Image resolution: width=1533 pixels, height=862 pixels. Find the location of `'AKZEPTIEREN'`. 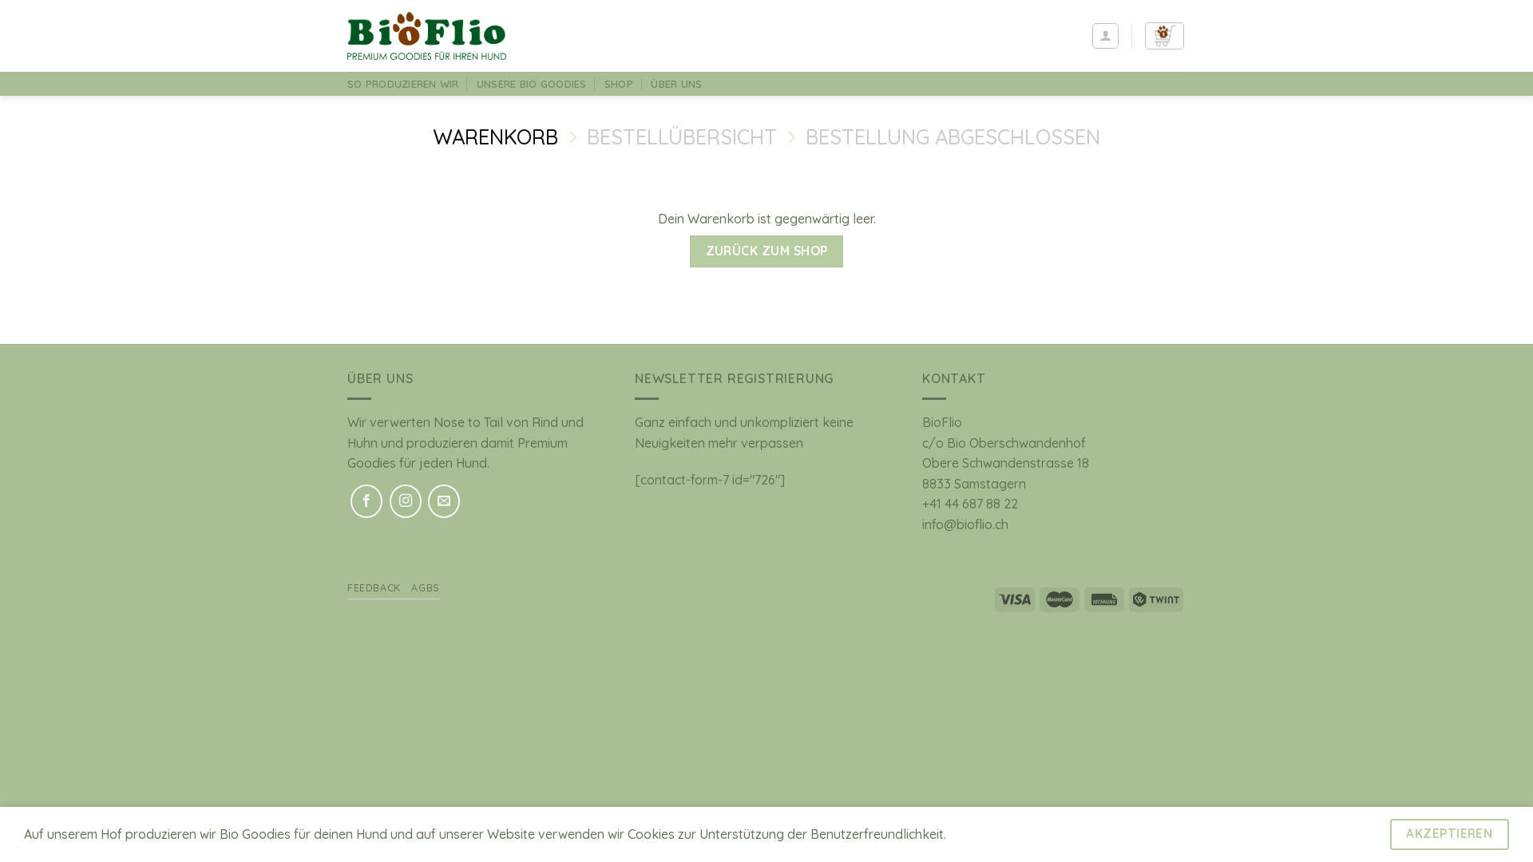

'AKZEPTIEREN' is located at coordinates (1449, 833).